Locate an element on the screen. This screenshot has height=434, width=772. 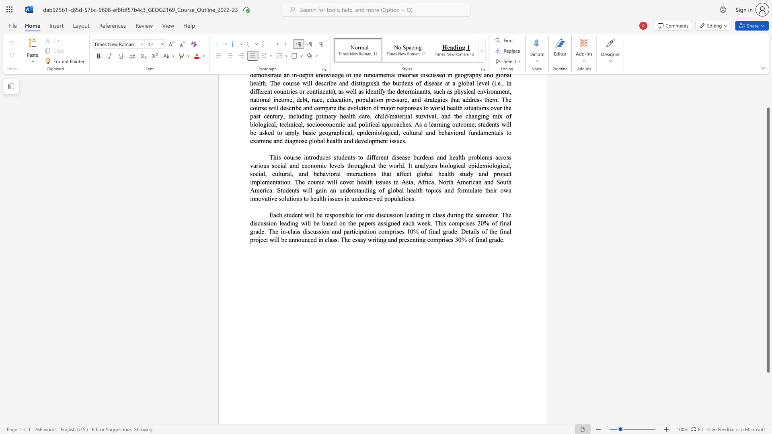
the scrollbar to scroll the page up is located at coordinates (768, 96).